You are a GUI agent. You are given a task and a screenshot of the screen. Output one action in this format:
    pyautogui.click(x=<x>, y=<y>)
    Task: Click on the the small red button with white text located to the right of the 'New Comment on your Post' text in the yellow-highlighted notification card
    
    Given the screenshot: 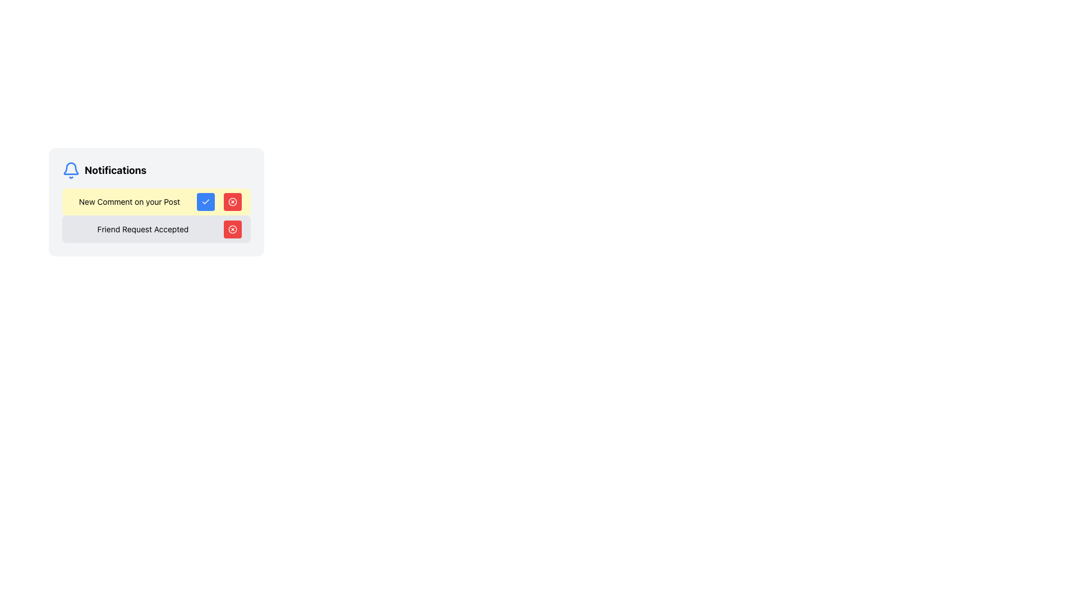 What is the action you would take?
    pyautogui.click(x=232, y=201)
    